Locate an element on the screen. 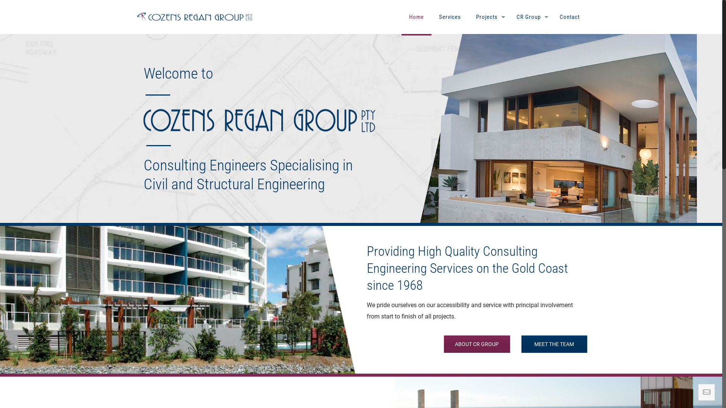 The height and width of the screenshot is (408, 726). 'CR Group' is located at coordinates (530, 17).